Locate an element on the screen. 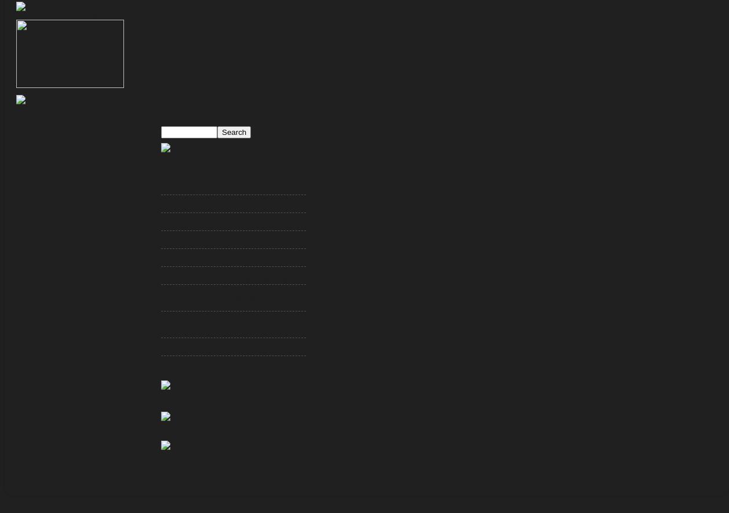 Image resolution: width=729 pixels, height=513 pixels. 'Search Site' is located at coordinates (189, 116).